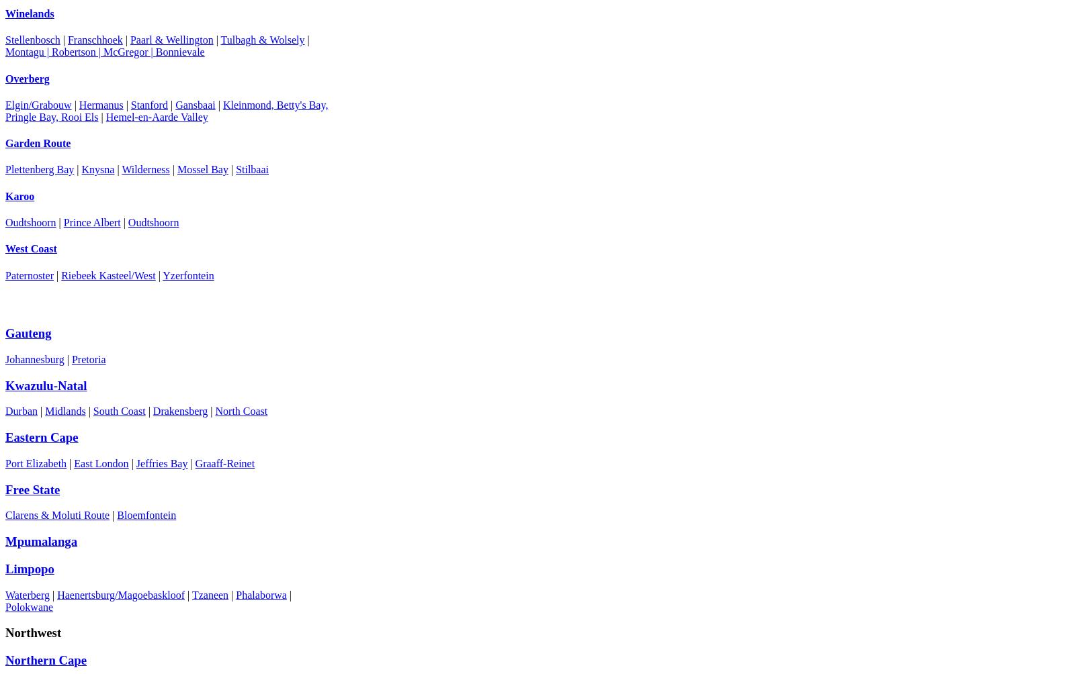  Describe the element at coordinates (65, 411) in the screenshot. I see `'Midlands'` at that location.